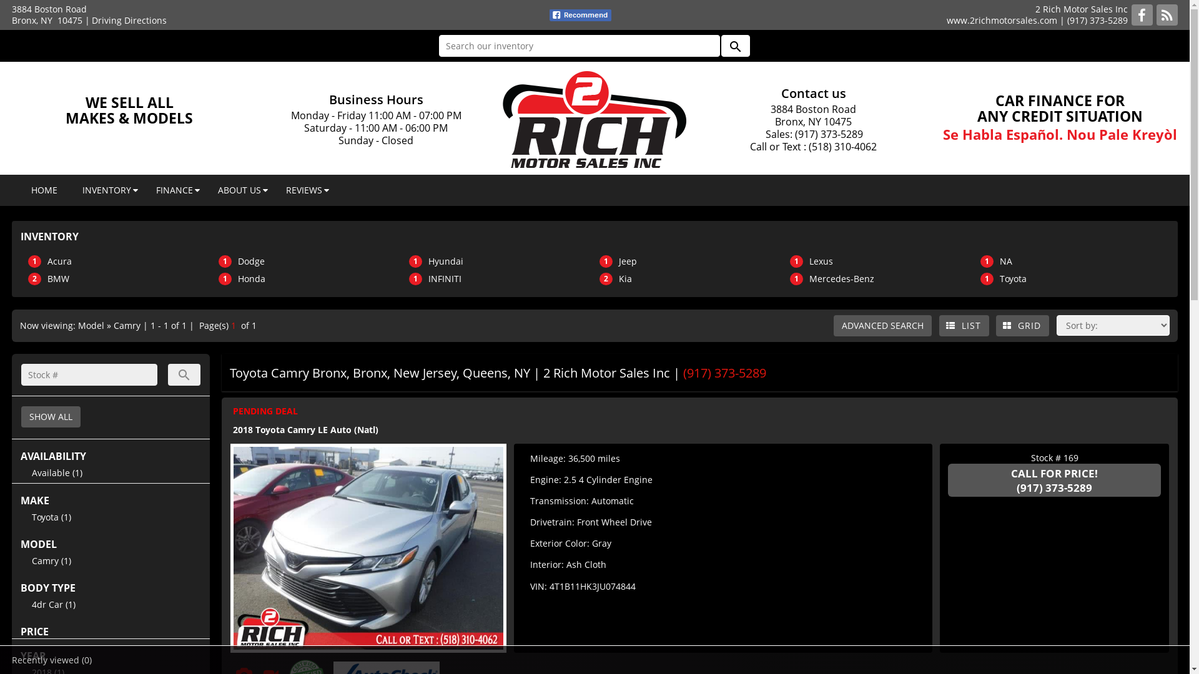 The height and width of the screenshot is (674, 1199). Describe the element at coordinates (303, 190) in the screenshot. I see `'REVIEWS'` at that location.